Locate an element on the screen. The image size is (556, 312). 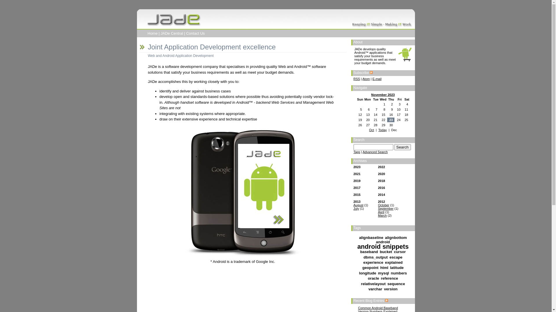
'dbms_output' is located at coordinates (375, 257).